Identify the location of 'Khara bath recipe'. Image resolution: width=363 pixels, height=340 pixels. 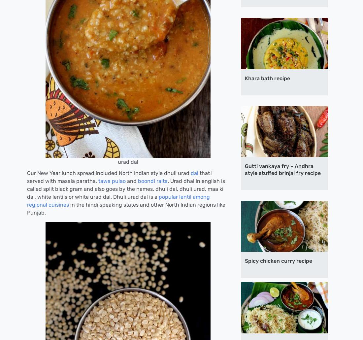
(267, 78).